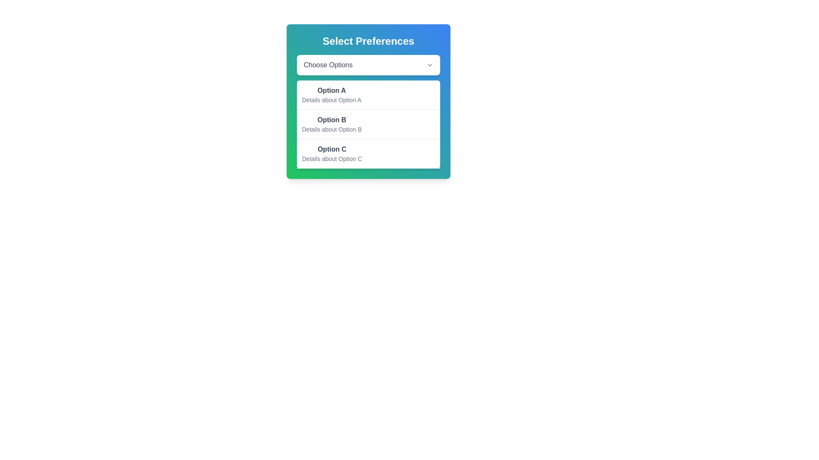  I want to click on the second option 'Option B' in the dropdown list titled 'Select Preferences', so click(331, 124).